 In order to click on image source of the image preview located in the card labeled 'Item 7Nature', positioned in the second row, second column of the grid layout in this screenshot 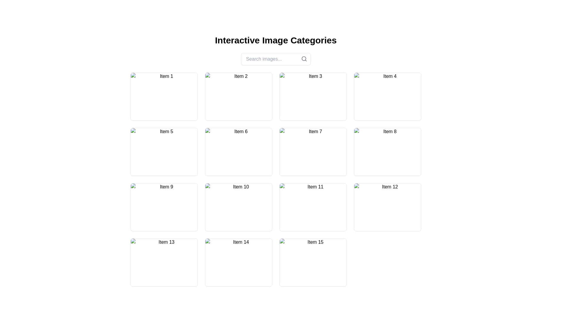, I will do `click(313, 151)`.